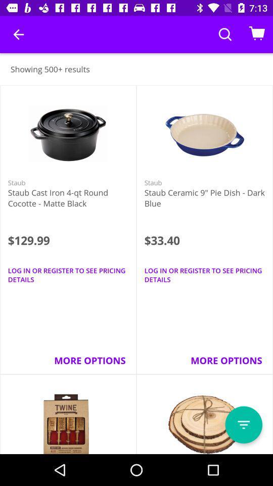 This screenshot has width=273, height=486. What do you see at coordinates (243, 425) in the screenshot?
I see `page down` at bounding box center [243, 425].